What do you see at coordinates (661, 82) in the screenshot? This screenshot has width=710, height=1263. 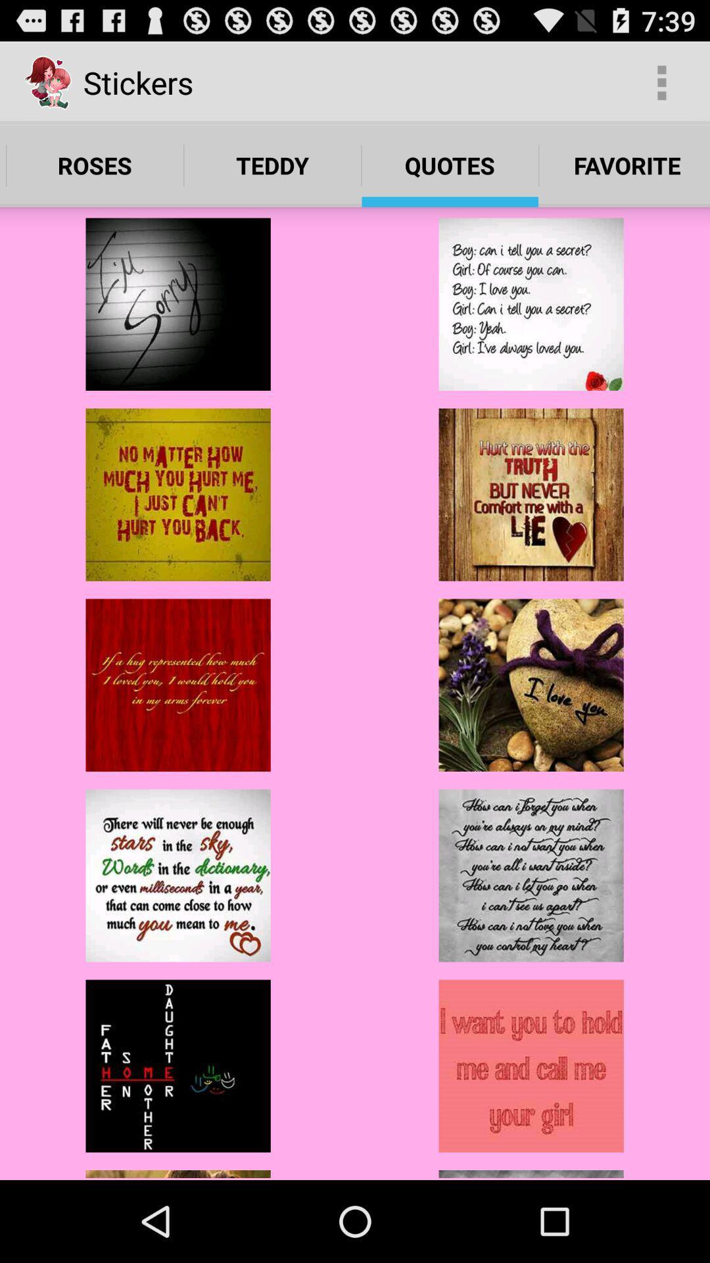 I see `the item next to the stickers` at bounding box center [661, 82].